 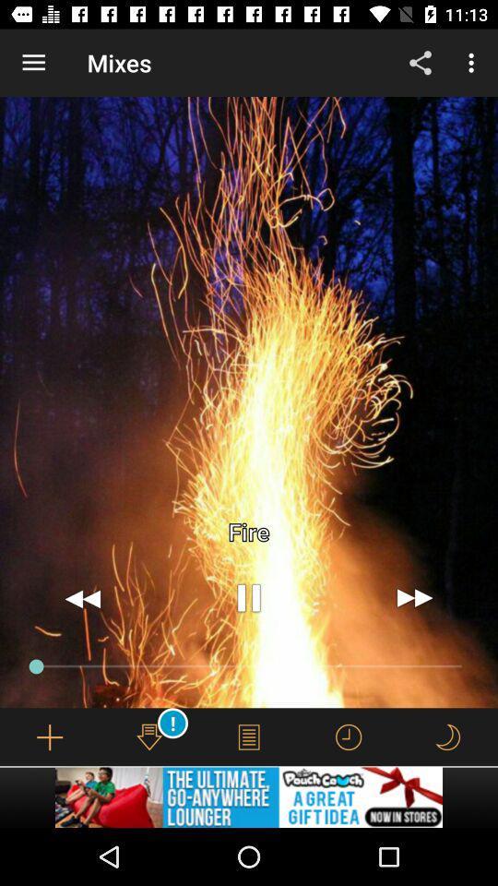 What do you see at coordinates (82, 597) in the screenshot?
I see `goes back in time in the video` at bounding box center [82, 597].